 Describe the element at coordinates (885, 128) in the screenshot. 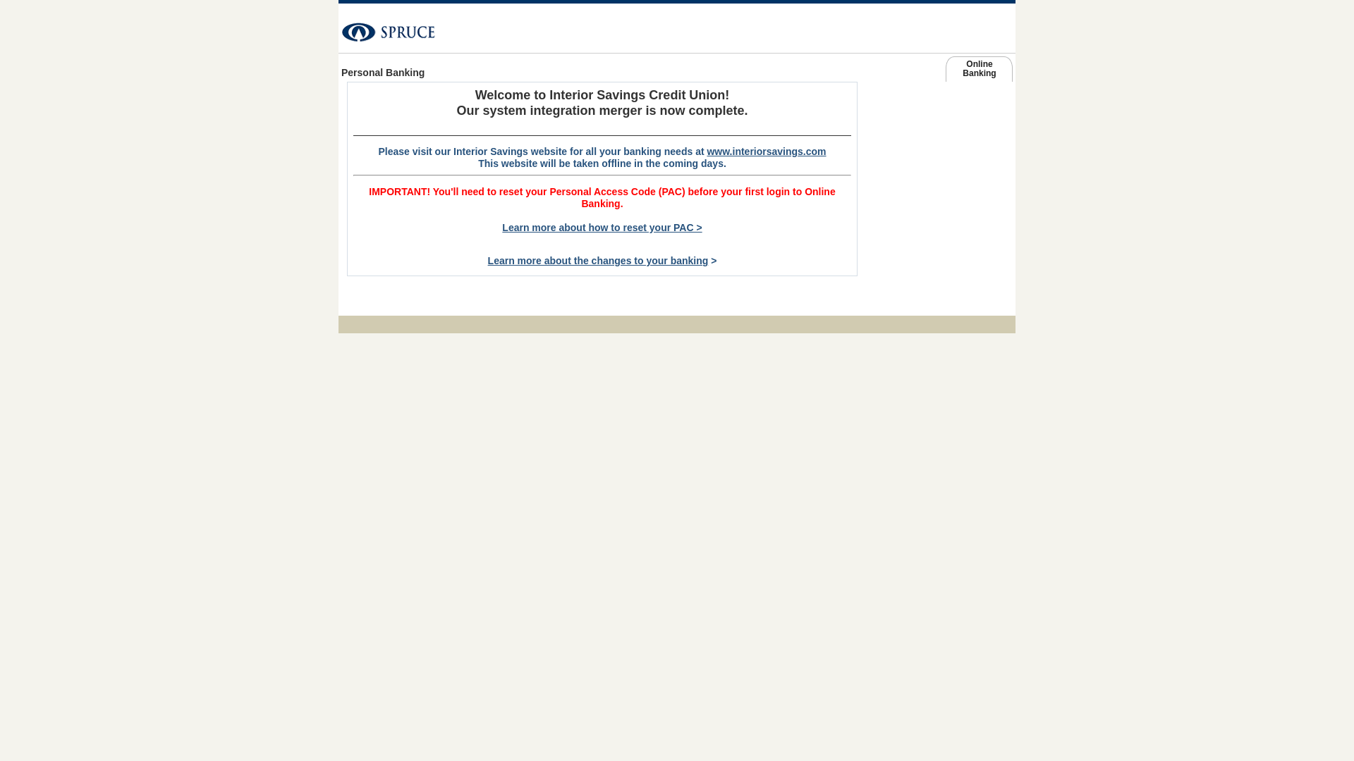

I see `'www.interiorsavings.com'` at that location.